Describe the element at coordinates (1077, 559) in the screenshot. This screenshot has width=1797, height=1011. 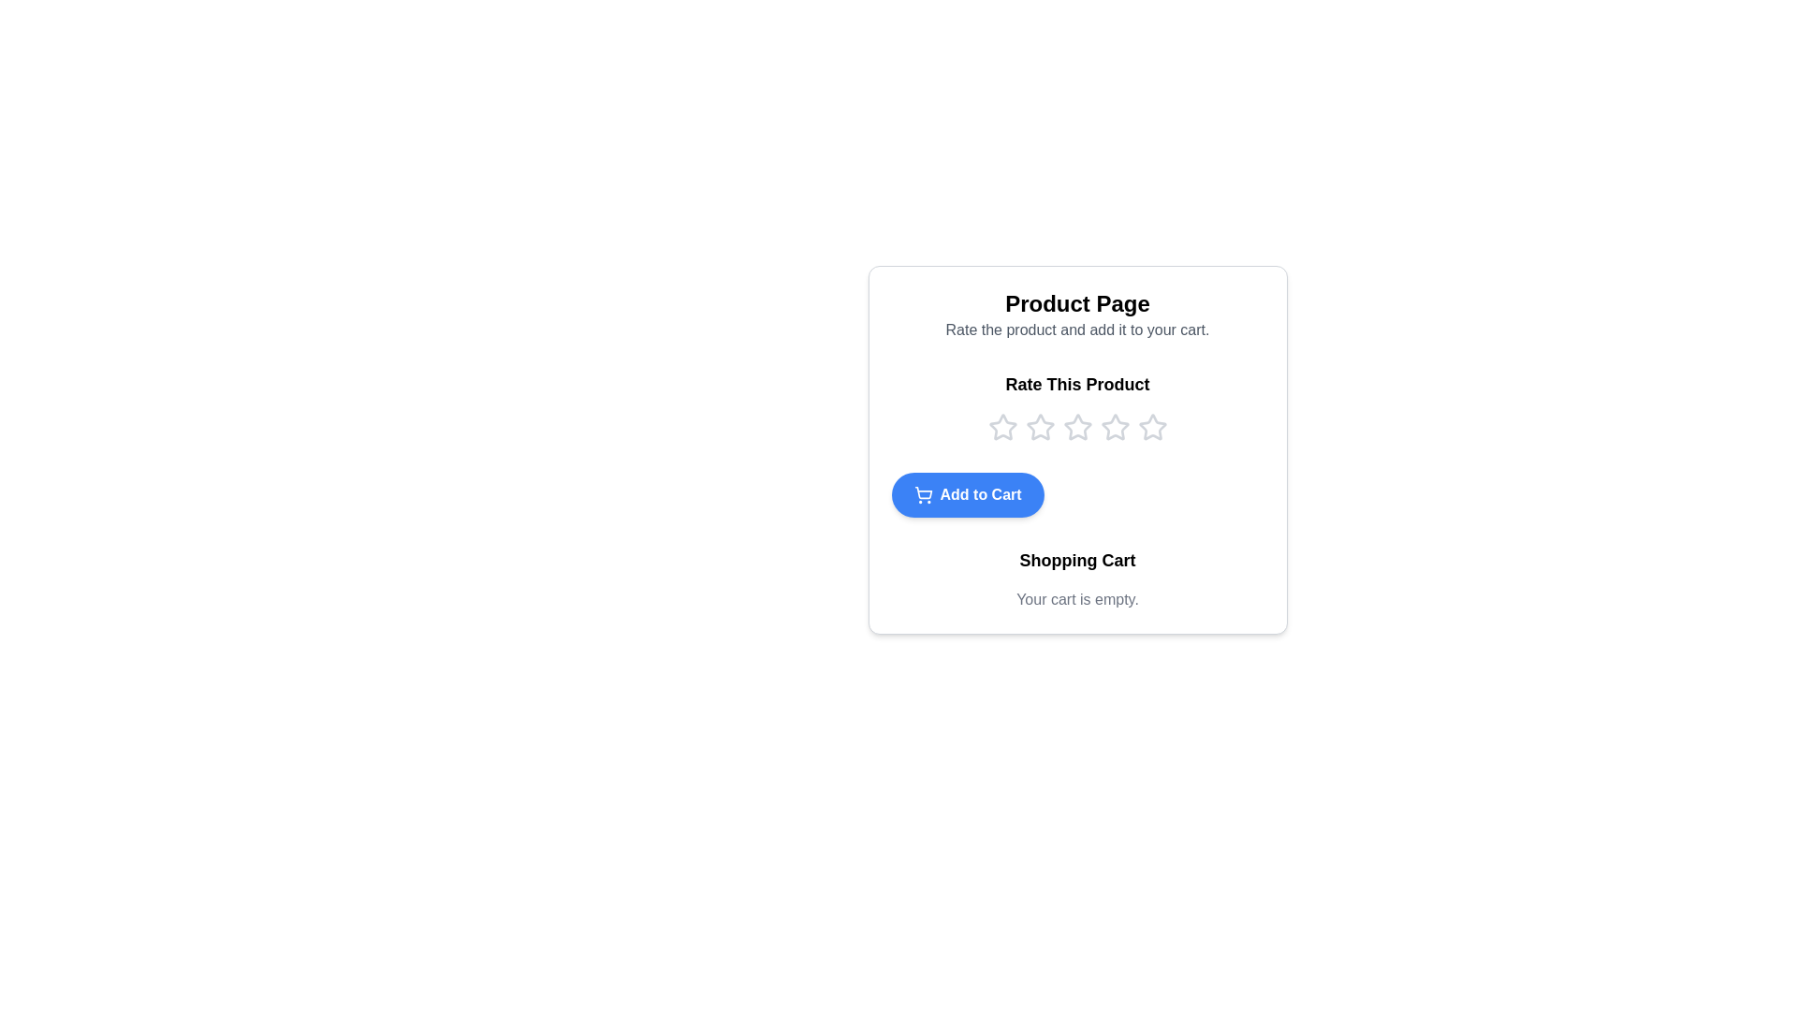
I see `'Shopping Cart' text element which is bold and black, located in the central lower portion of the card interface, directly above 'Your cart is empty.'` at that location.